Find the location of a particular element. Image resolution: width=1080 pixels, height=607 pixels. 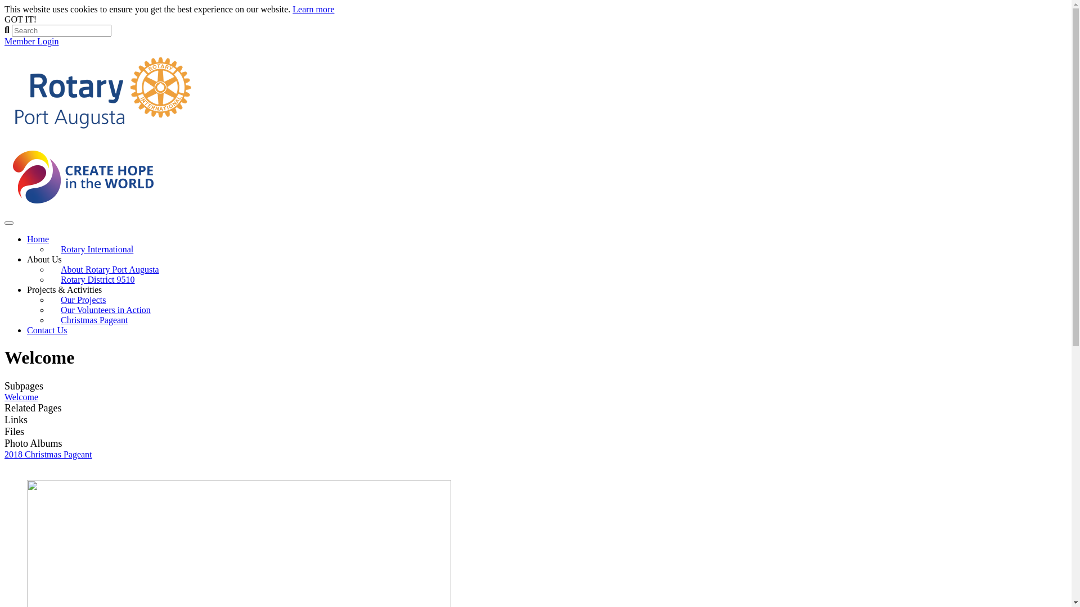

'Welcome' is located at coordinates (21, 396).